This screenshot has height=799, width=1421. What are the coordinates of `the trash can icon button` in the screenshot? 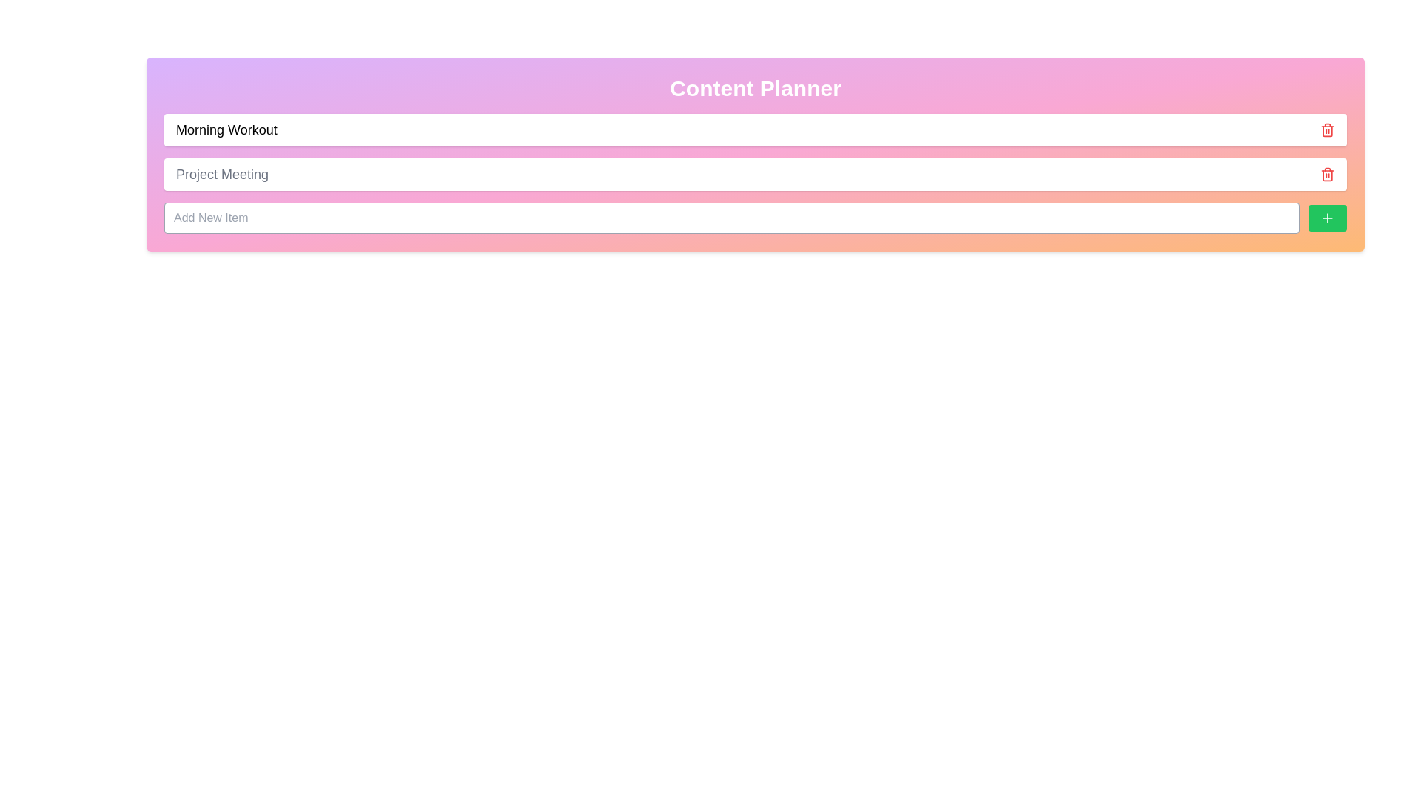 It's located at (1328, 129).